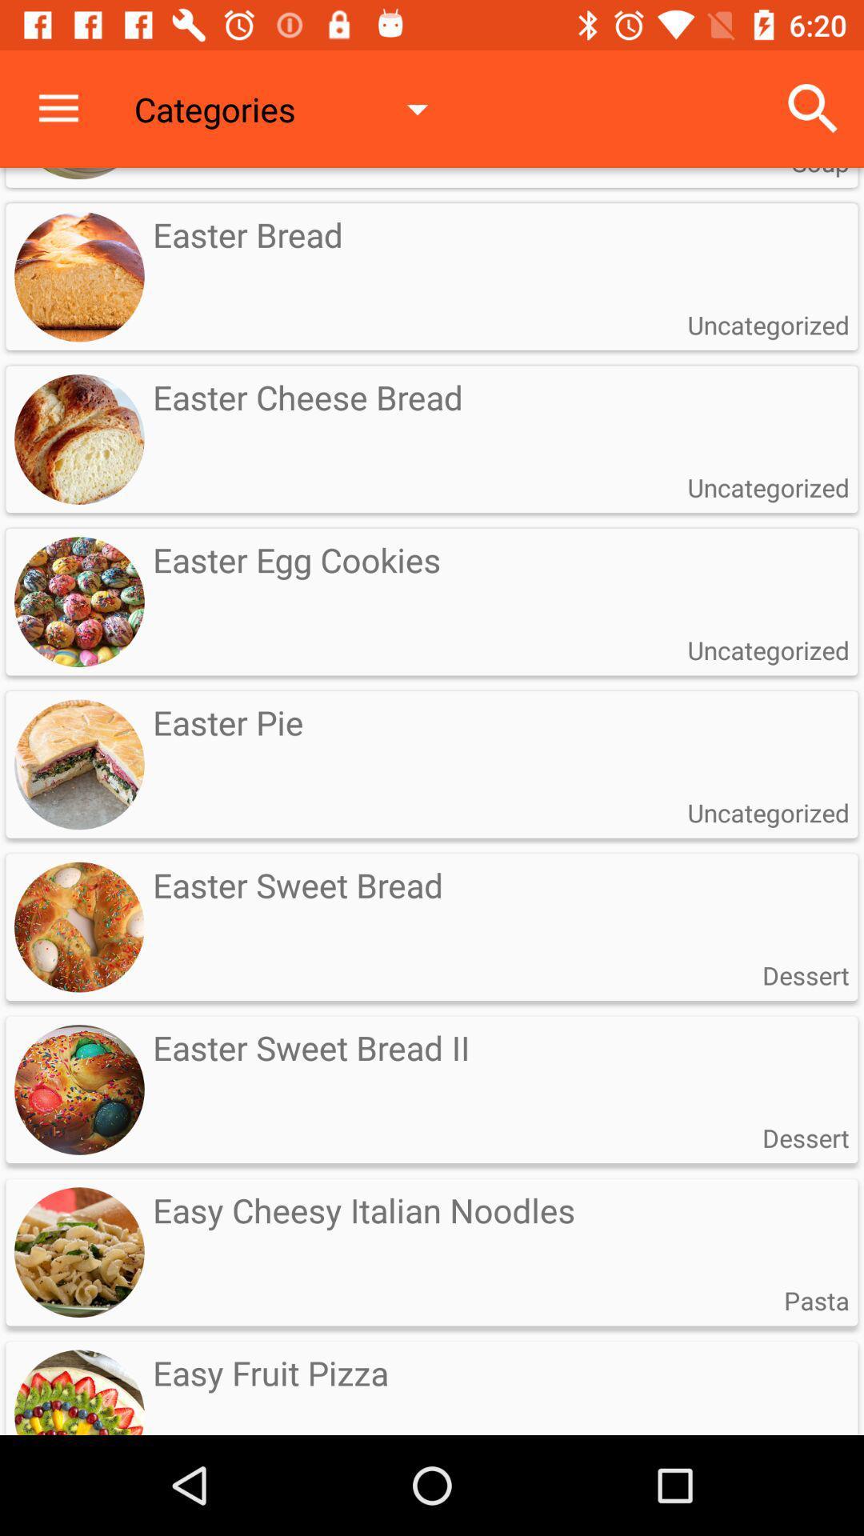 Image resolution: width=864 pixels, height=1536 pixels. Describe the element at coordinates (814, 108) in the screenshot. I see `the icon to the right of the categories item` at that location.